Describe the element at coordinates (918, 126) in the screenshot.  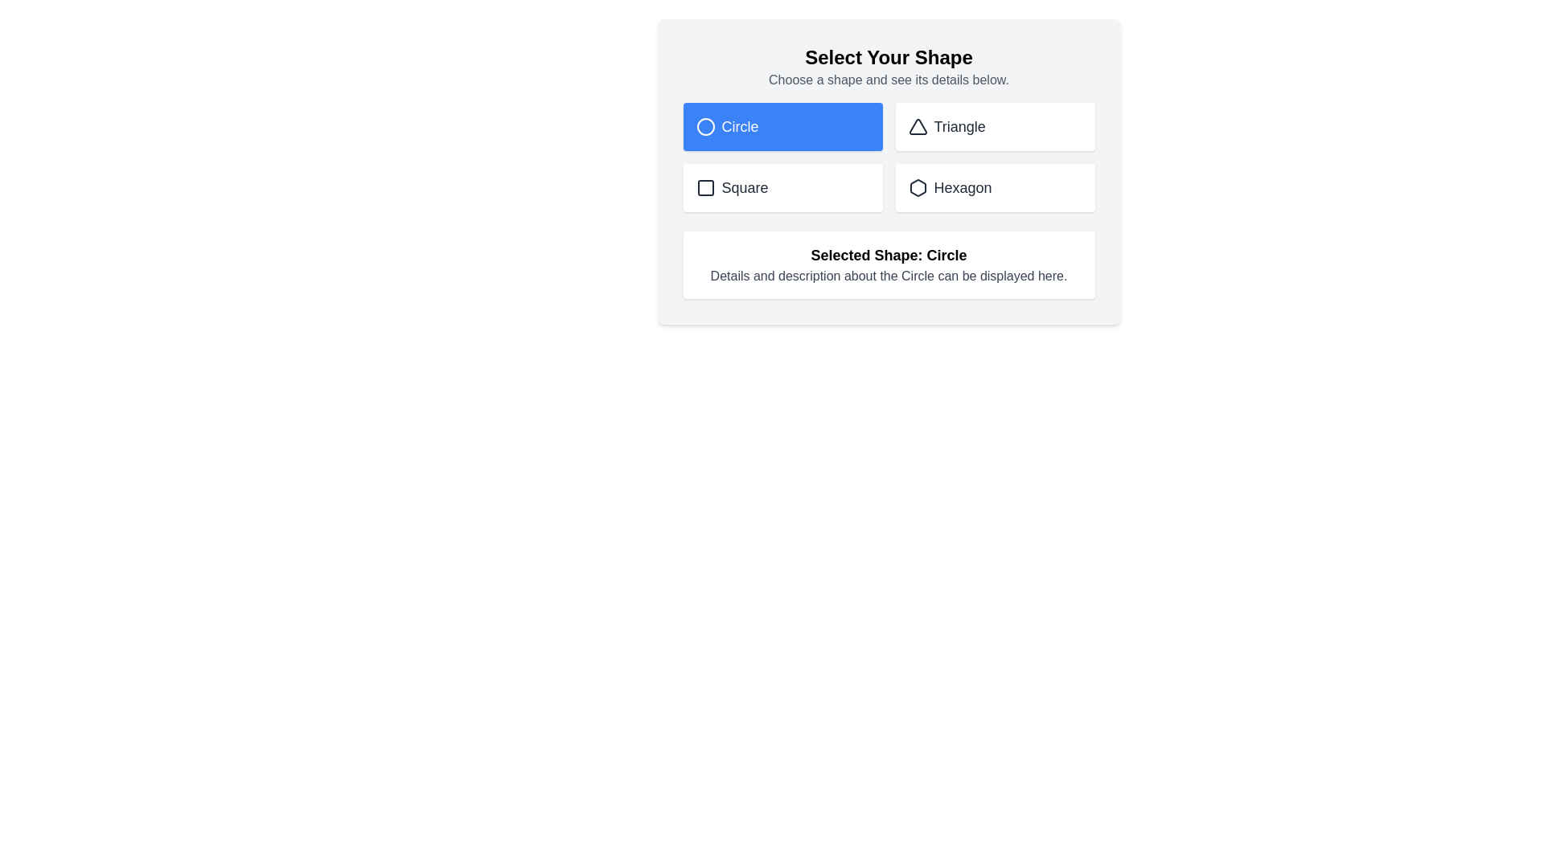
I see `the triangle-shaped SVG icon outlined in black, which is the second button from the left in the shape selection options, adjacent to the 'Circle' option on the left and 'Hexagon' on the right` at that location.